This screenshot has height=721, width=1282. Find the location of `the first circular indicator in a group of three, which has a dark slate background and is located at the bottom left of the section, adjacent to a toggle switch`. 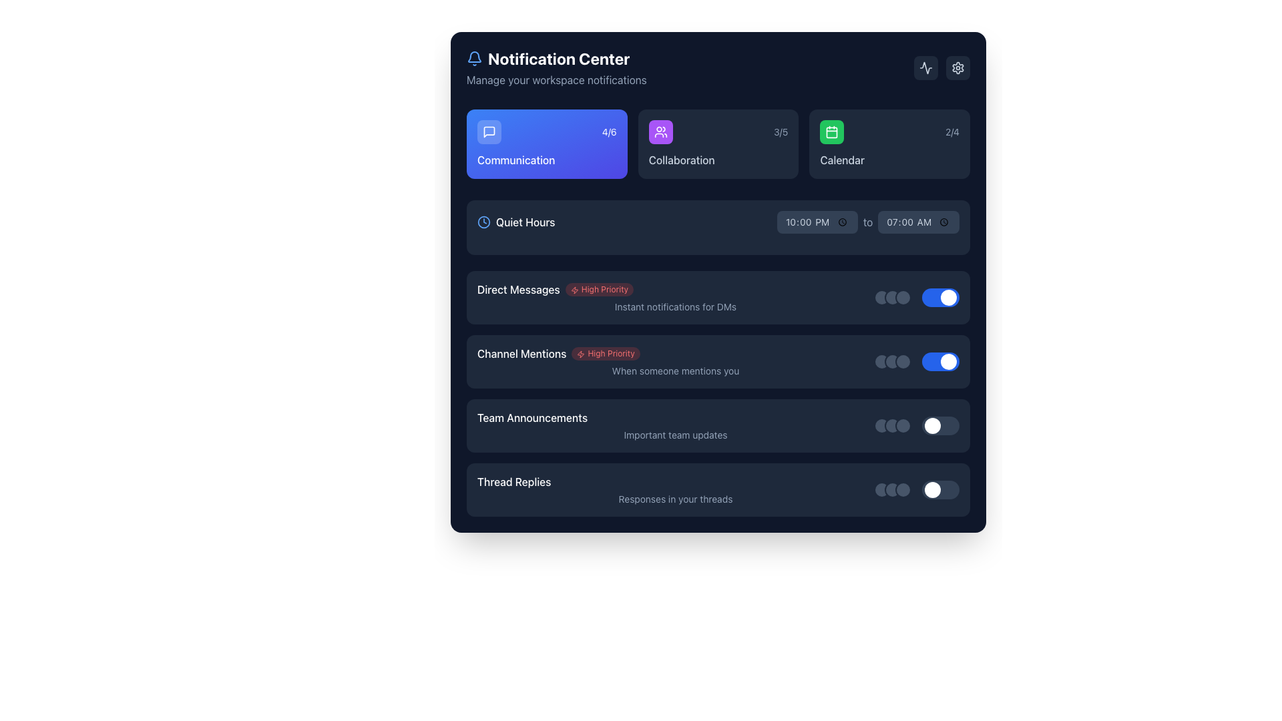

the first circular indicator in a group of three, which has a dark slate background and is located at the bottom left of the section, adjacent to a toggle switch is located at coordinates (881, 489).